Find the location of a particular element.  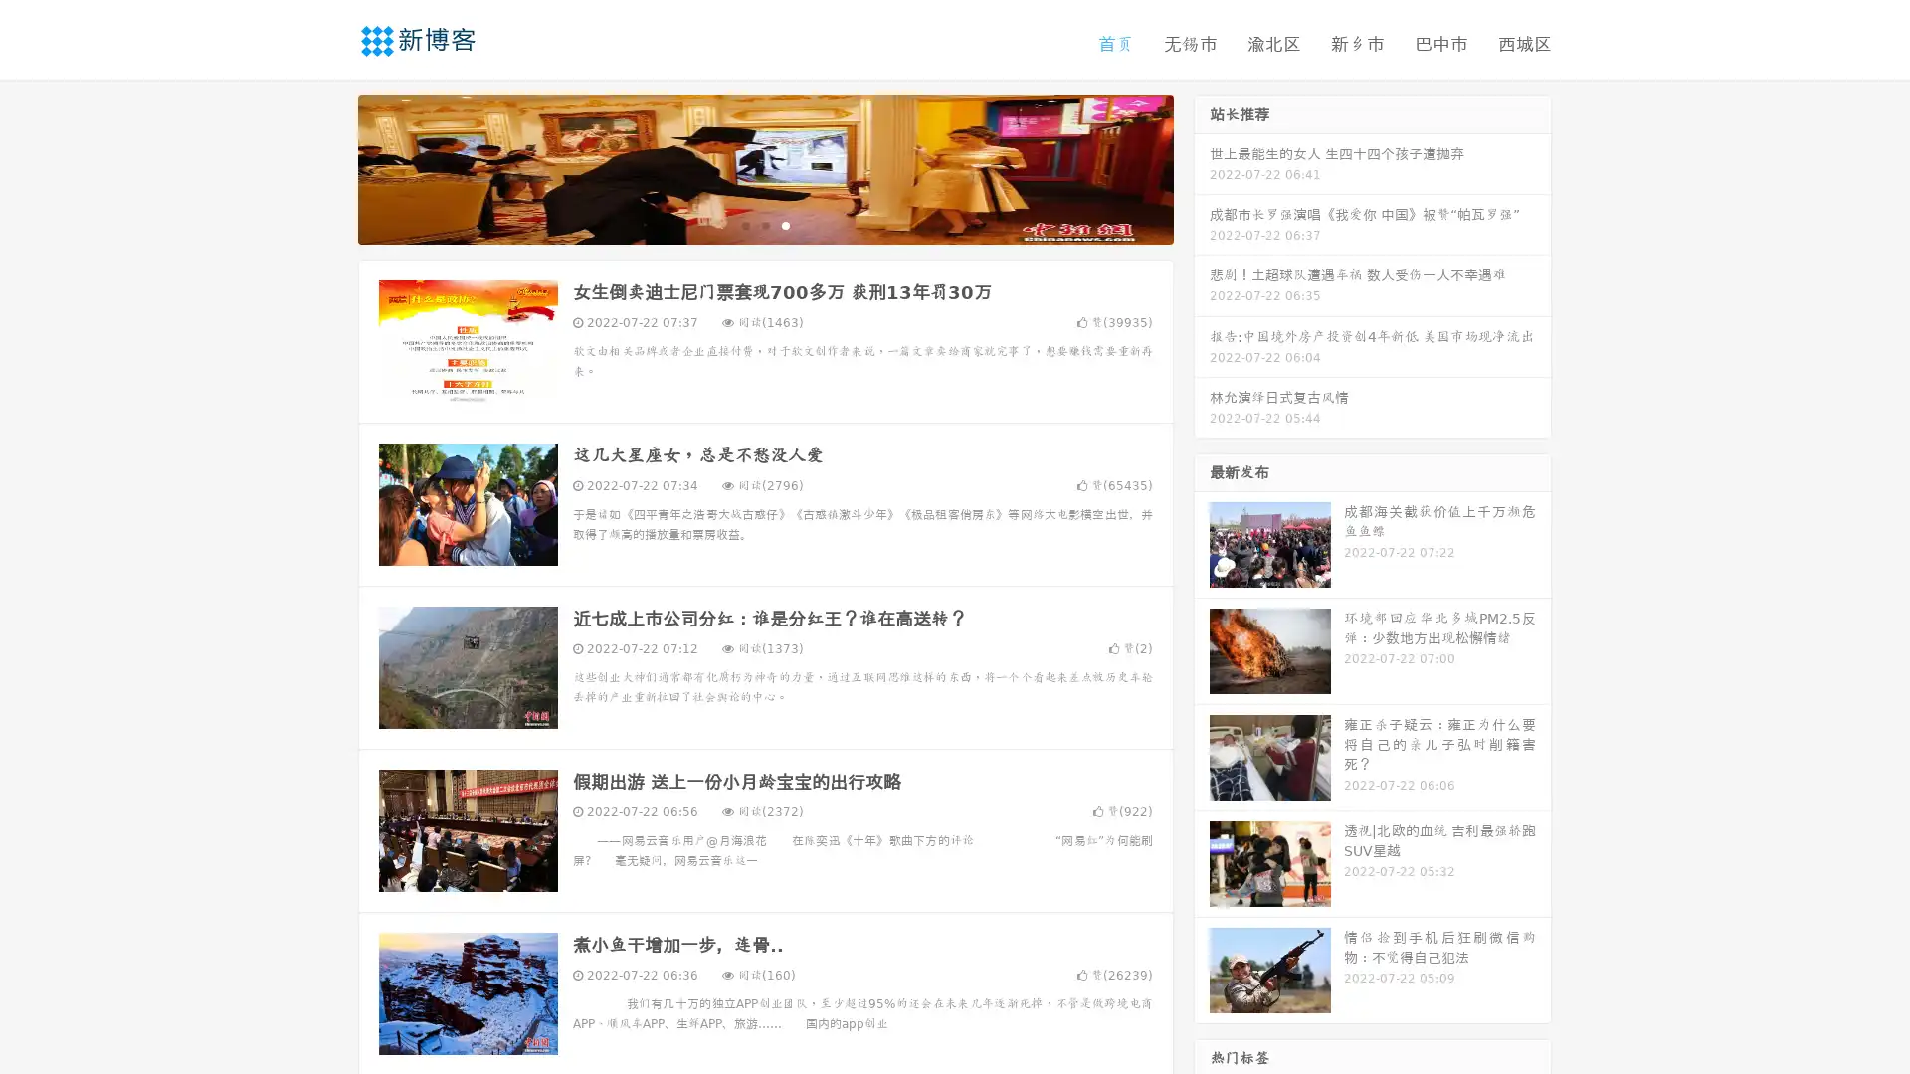

Next slide is located at coordinates (1202, 167).